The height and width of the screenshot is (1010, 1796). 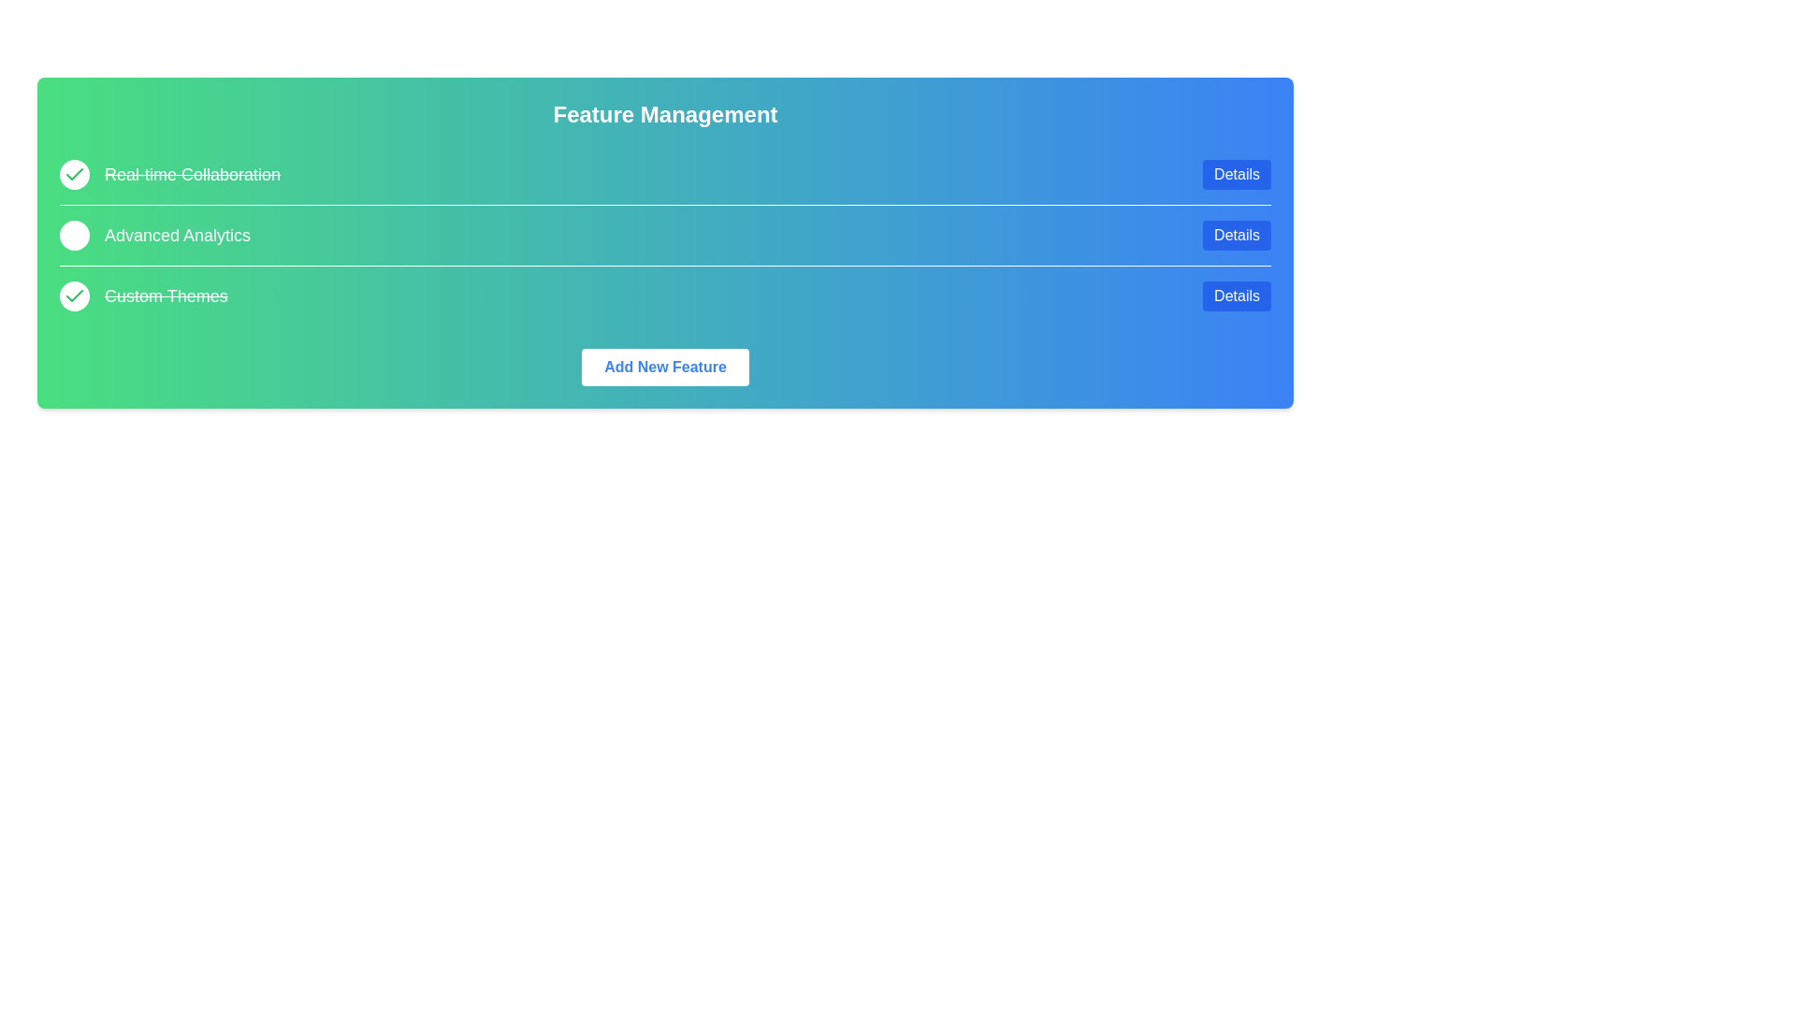 What do you see at coordinates (75, 295) in the screenshot?
I see `the feature Custom Themes by clicking its circular checkbox` at bounding box center [75, 295].